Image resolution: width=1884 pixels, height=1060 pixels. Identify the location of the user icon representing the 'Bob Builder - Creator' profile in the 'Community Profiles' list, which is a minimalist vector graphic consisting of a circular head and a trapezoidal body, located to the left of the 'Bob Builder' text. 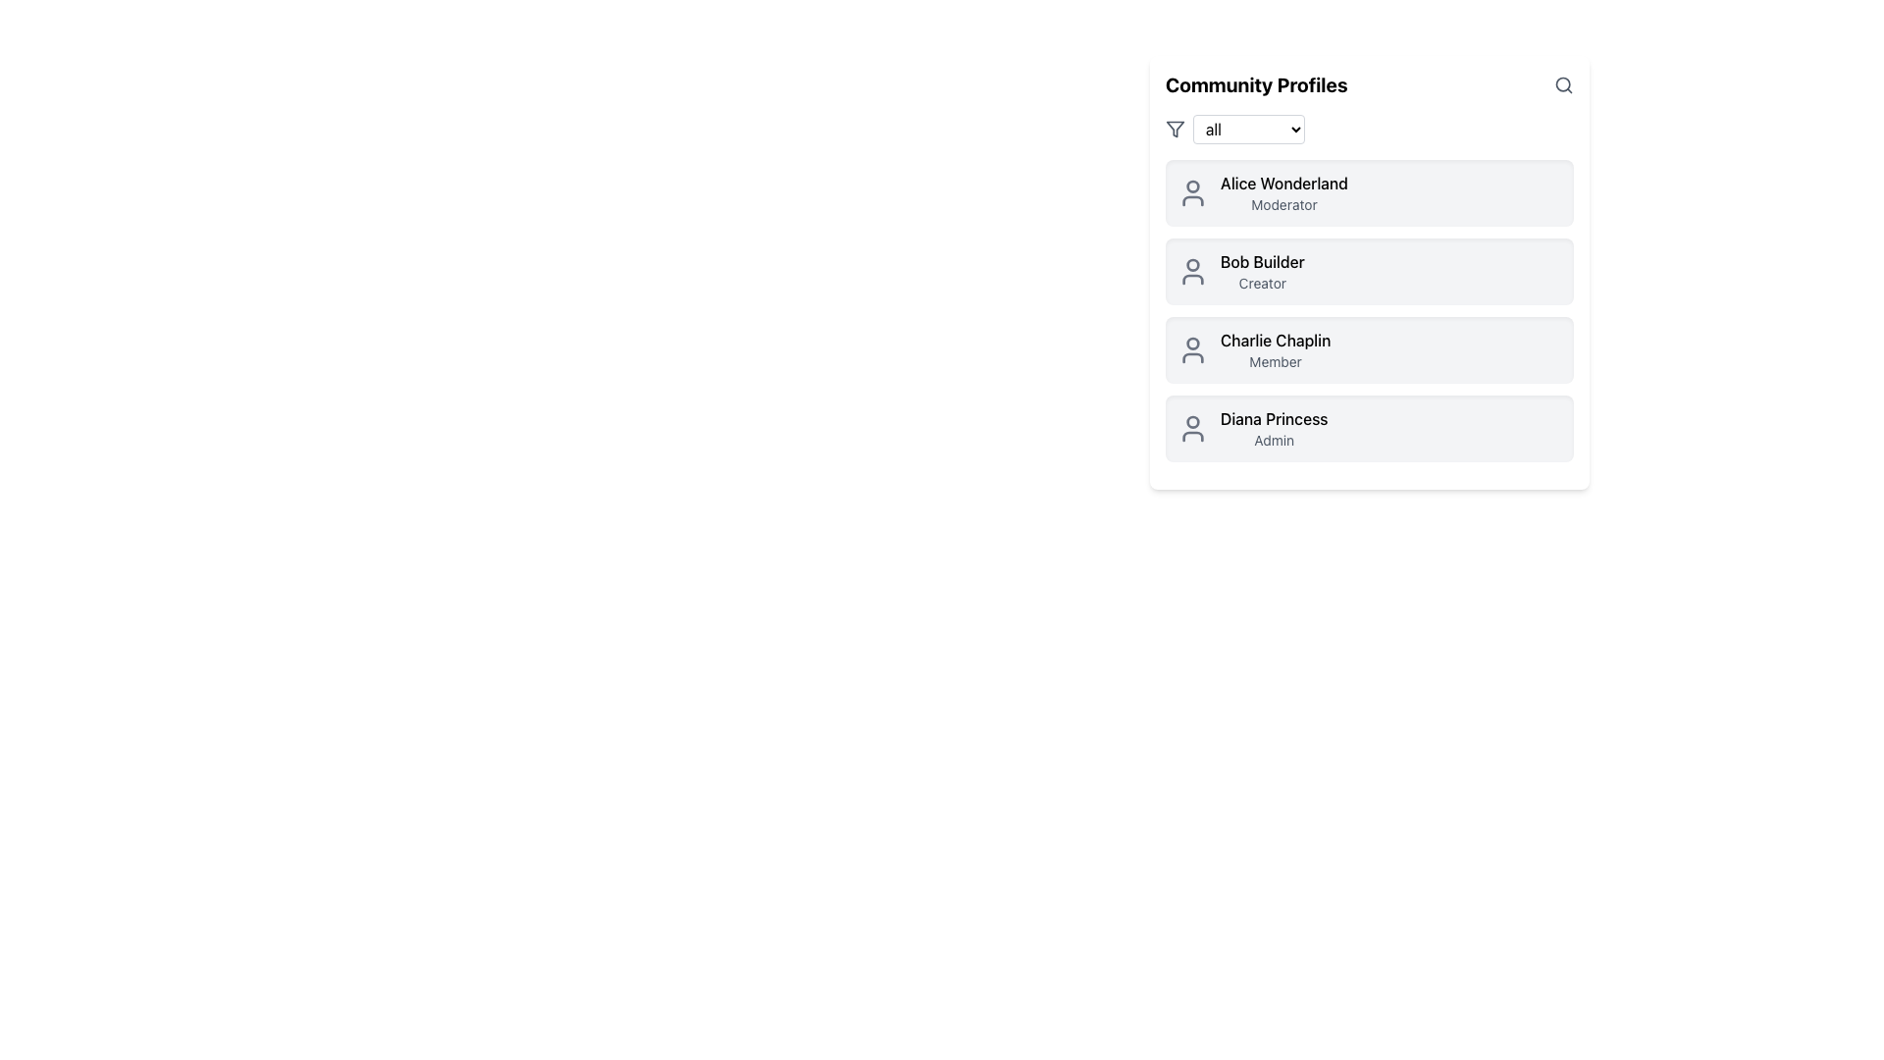
(1191, 272).